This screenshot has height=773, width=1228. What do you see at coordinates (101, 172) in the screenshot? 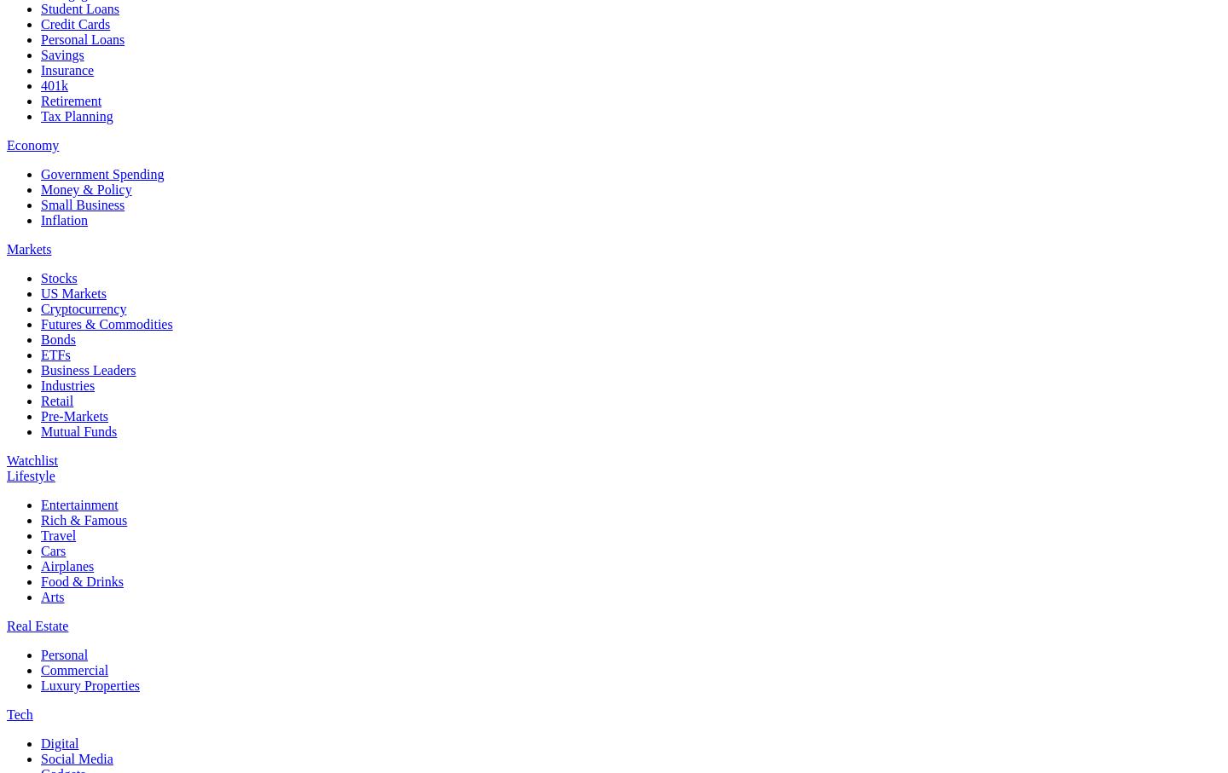
I see `'Government Spending'` at bounding box center [101, 172].